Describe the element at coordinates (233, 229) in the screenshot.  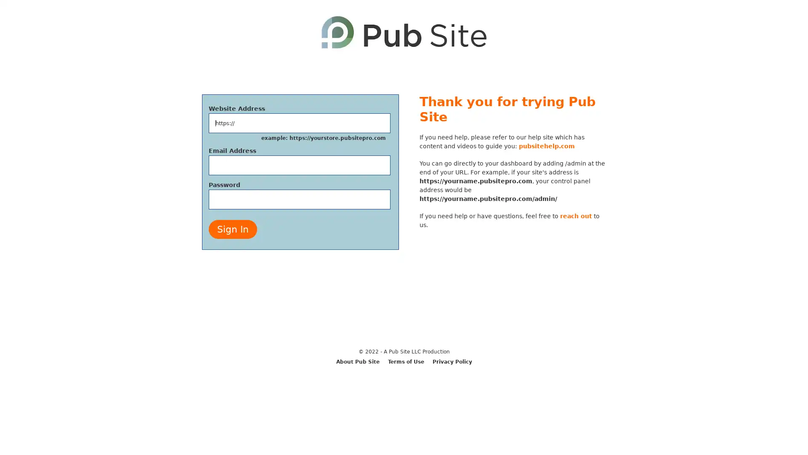
I see `Sign In` at that location.